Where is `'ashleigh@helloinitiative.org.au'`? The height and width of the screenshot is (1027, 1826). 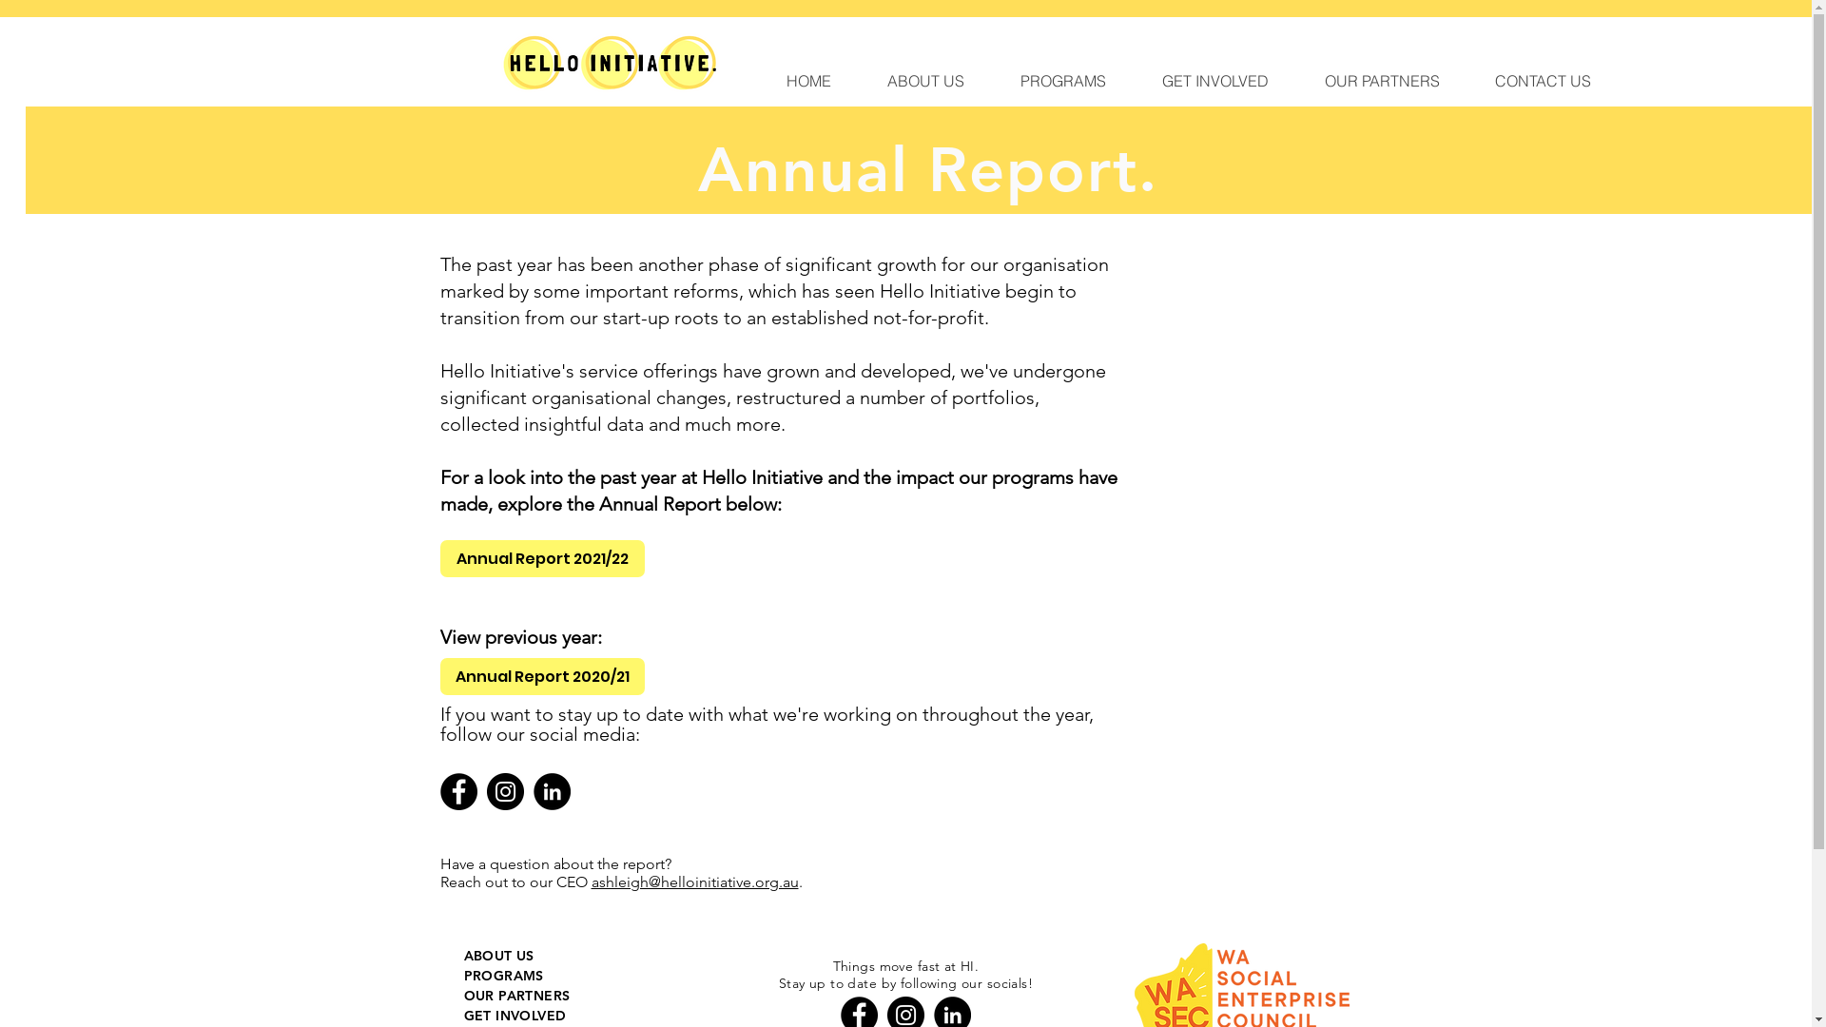
'ashleigh@helloinitiative.org.au' is located at coordinates (591, 882).